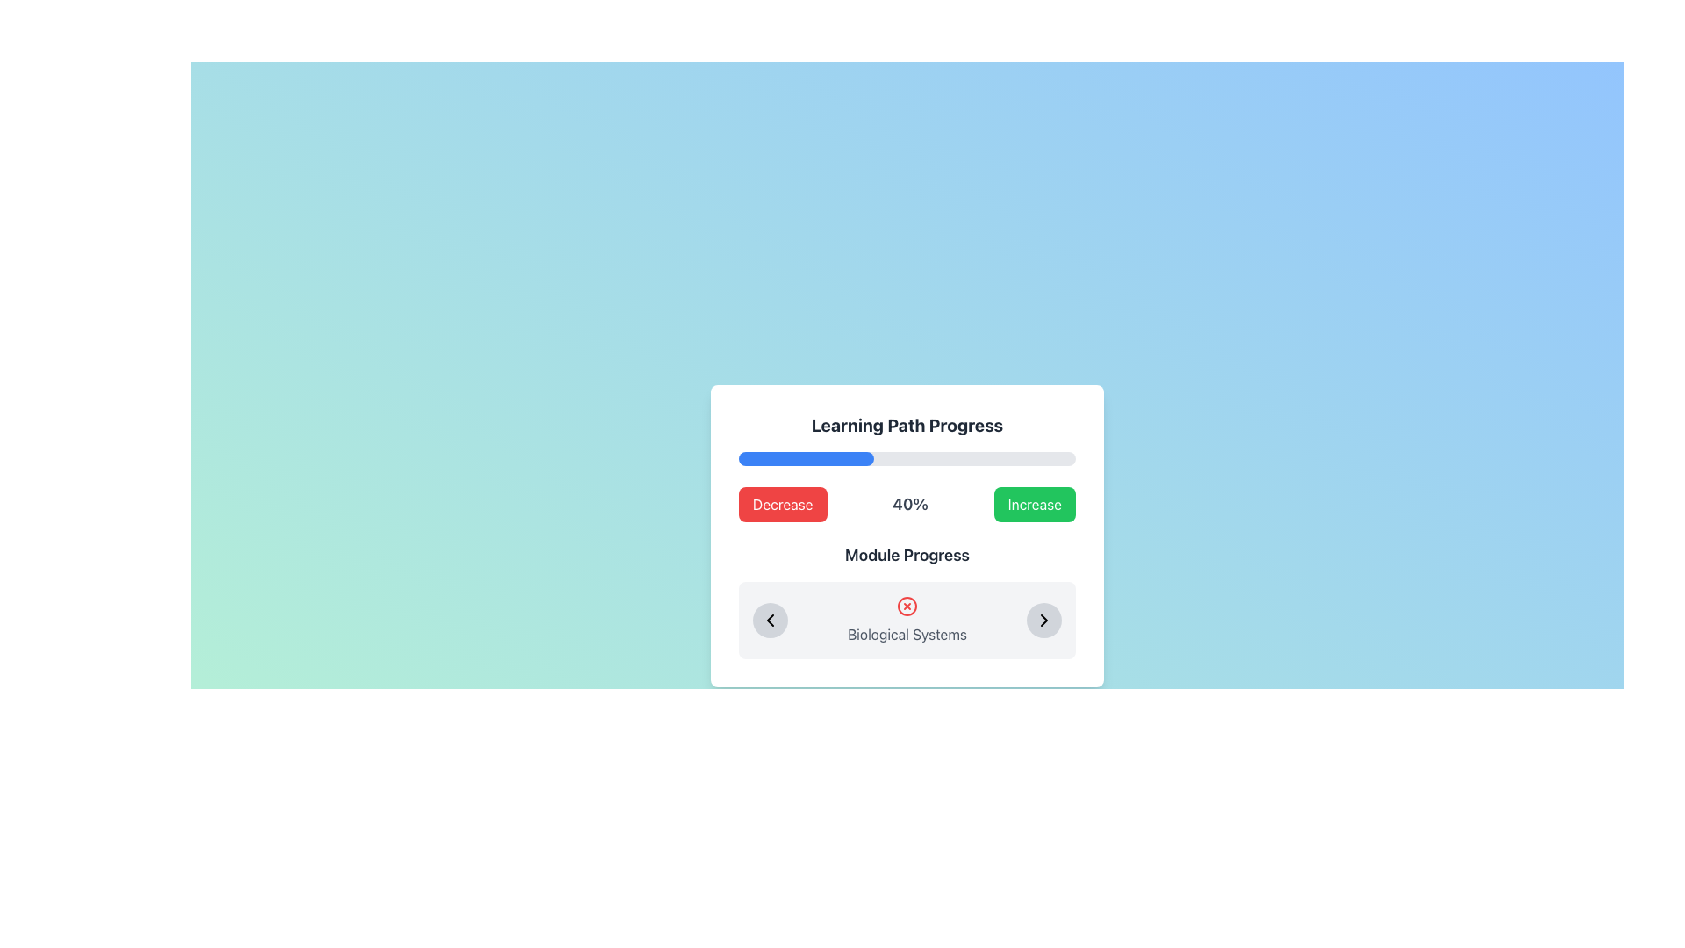 This screenshot has height=948, width=1685. Describe the element at coordinates (907, 555) in the screenshot. I see `the Text Label that indicates the start of a specific content area related to module progress, located below the progress indicator ('40%') and above the navigation section ('Biological Systems')` at that location.